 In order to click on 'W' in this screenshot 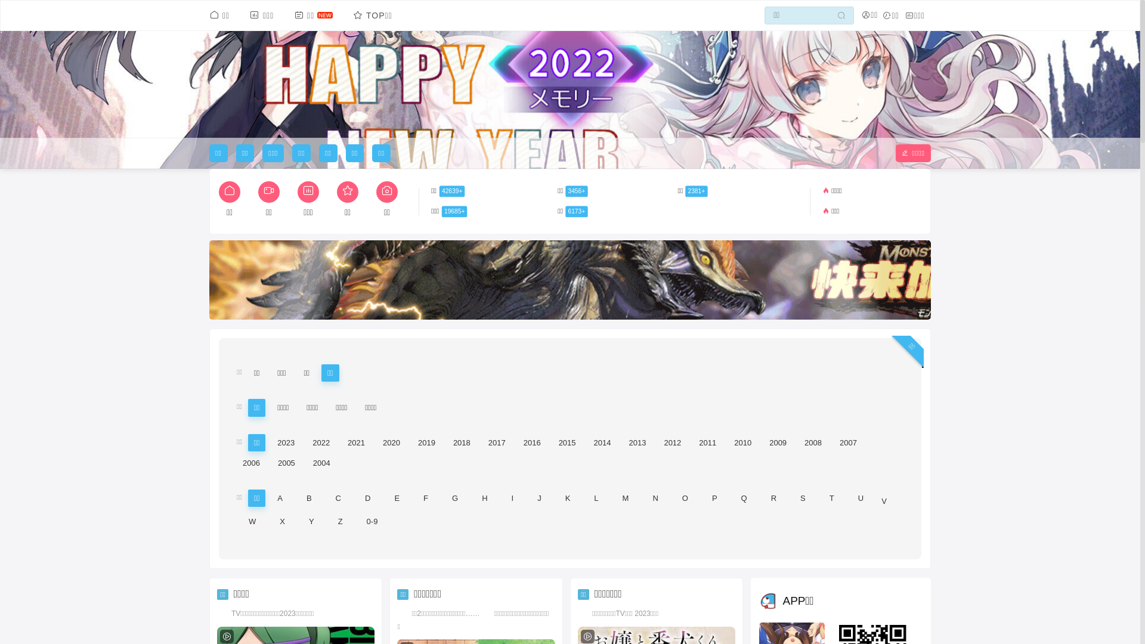, I will do `click(251, 521)`.